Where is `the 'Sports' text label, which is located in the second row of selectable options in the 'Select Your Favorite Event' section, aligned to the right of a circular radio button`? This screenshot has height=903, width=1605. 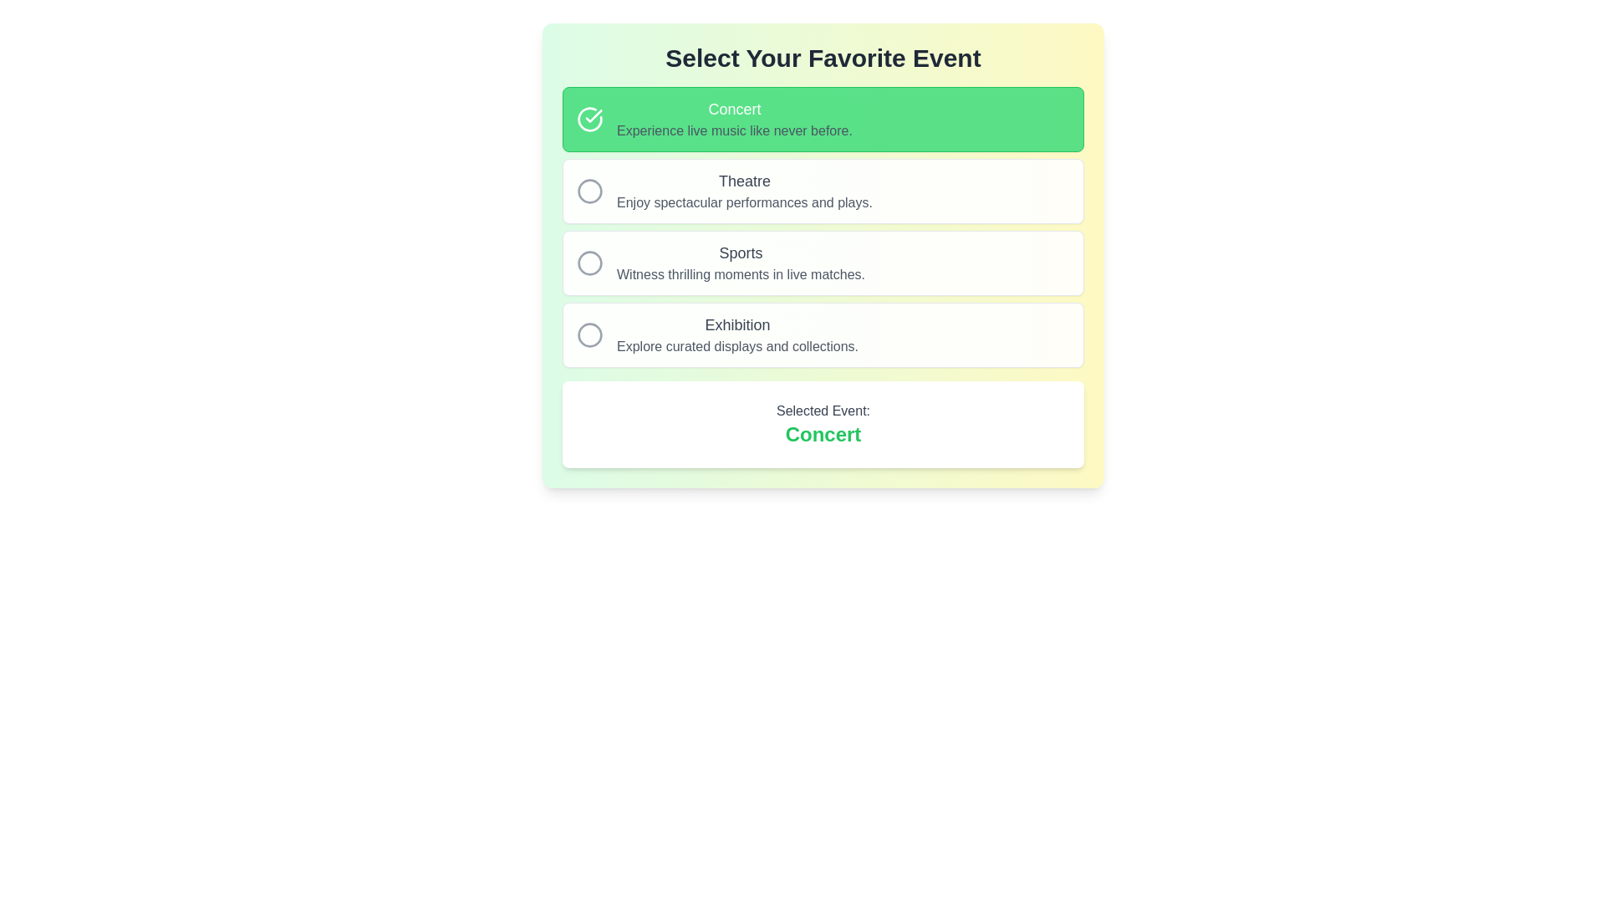
the 'Sports' text label, which is located in the second row of selectable options in the 'Select Your Favorite Event' section, aligned to the right of a circular radio button is located at coordinates (740, 263).